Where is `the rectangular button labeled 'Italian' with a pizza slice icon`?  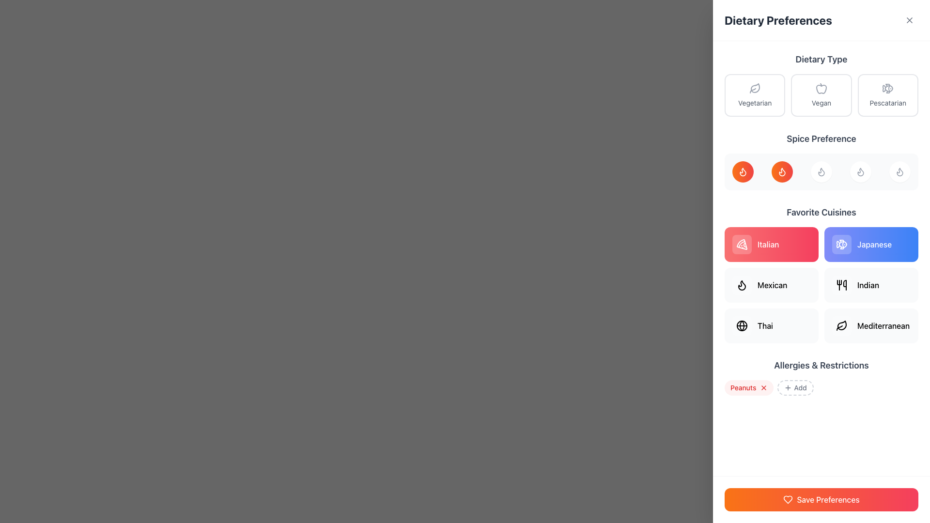 the rectangular button labeled 'Italian' with a pizza slice icon is located at coordinates (771, 244).